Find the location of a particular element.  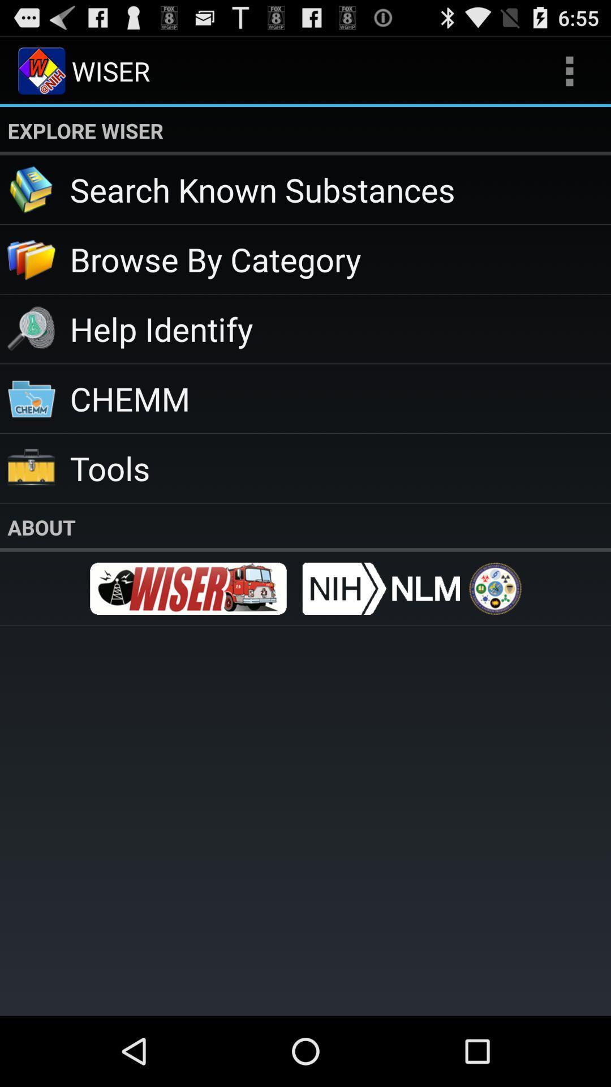

the icon below the search known substances icon is located at coordinates (339, 258).